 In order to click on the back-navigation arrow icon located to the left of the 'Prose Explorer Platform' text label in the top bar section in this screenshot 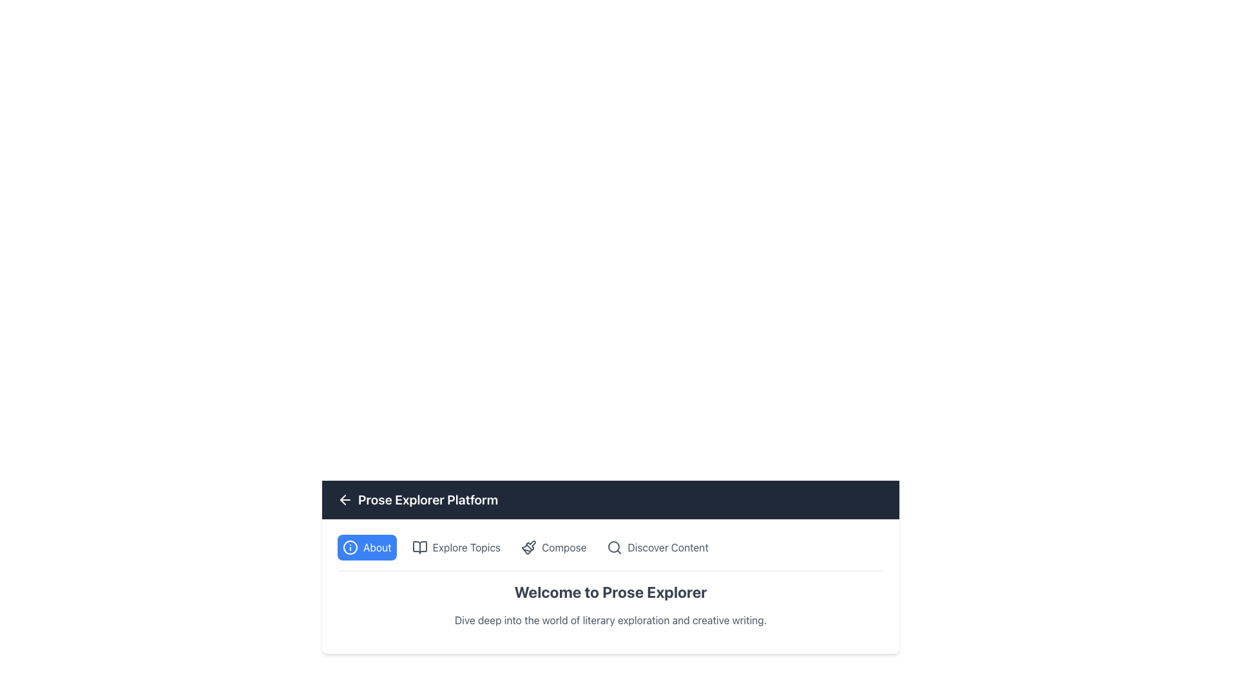, I will do `click(345, 499)`.